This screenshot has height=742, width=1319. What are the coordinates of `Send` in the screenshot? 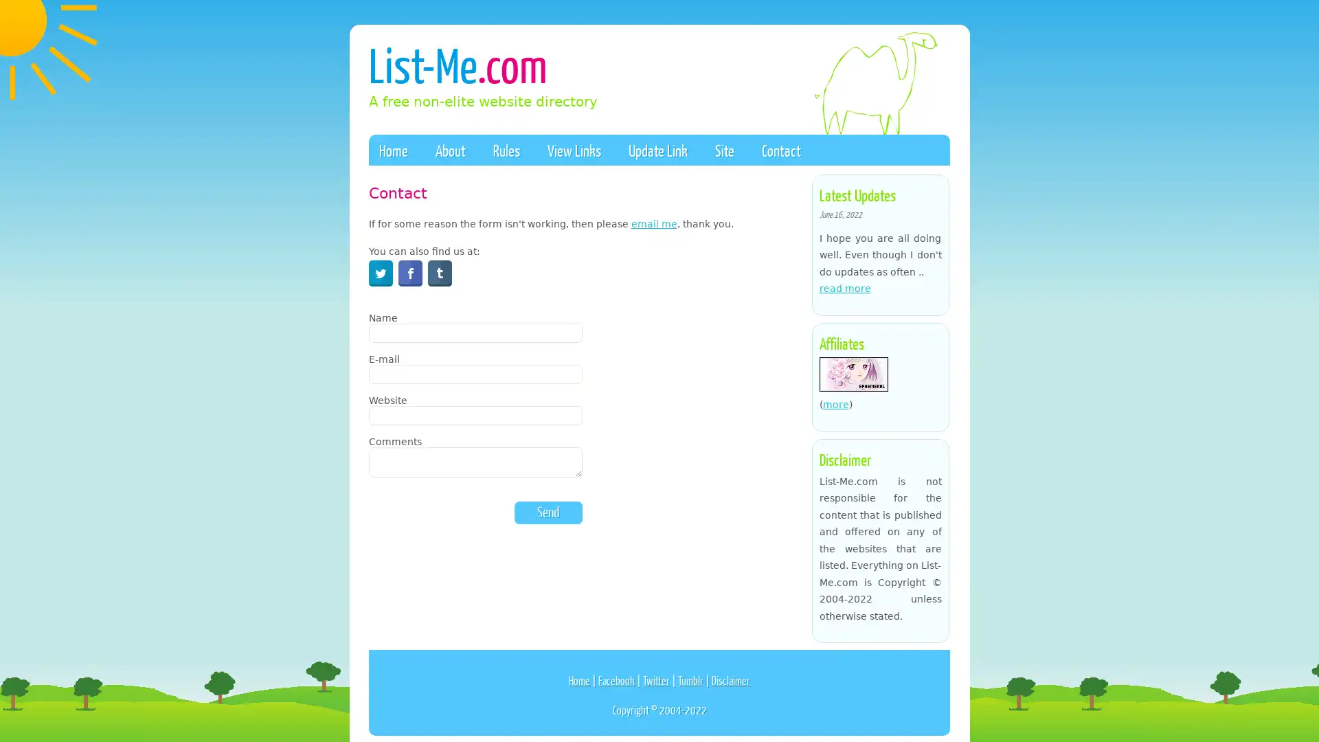 It's located at (547, 513).